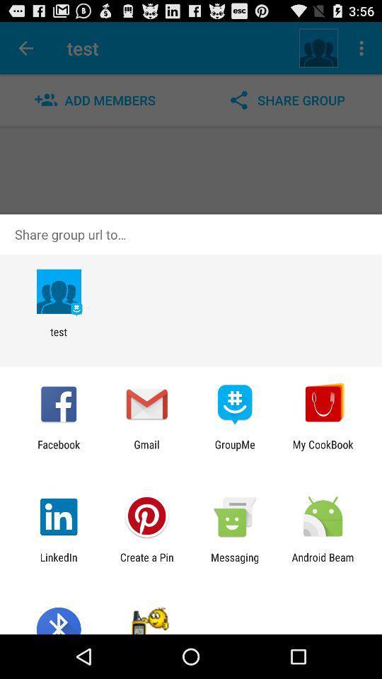 The height and width of the screenshot is (679, 382). What do you see at coordinates (323, 563) in the screenshot?
I see `android beam icon` at bounding box center [323, 563].